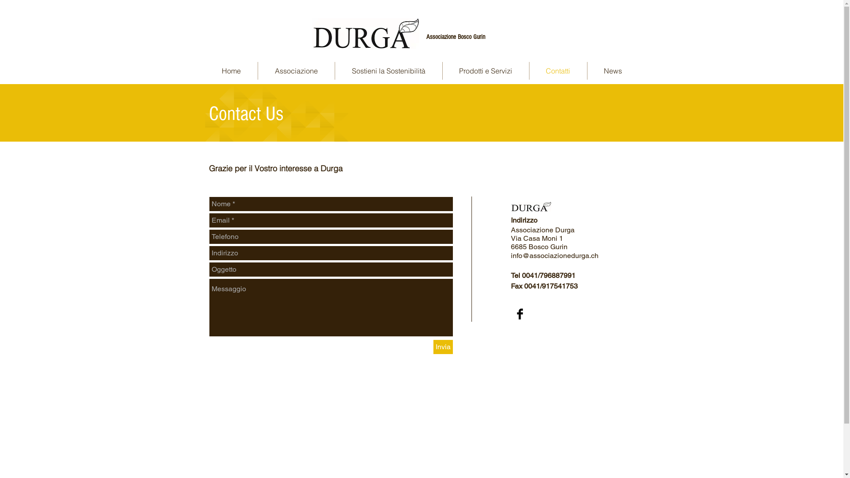 The height and width of the screenshot is (478, 850). I want to click on 'News', so click(612, 70).